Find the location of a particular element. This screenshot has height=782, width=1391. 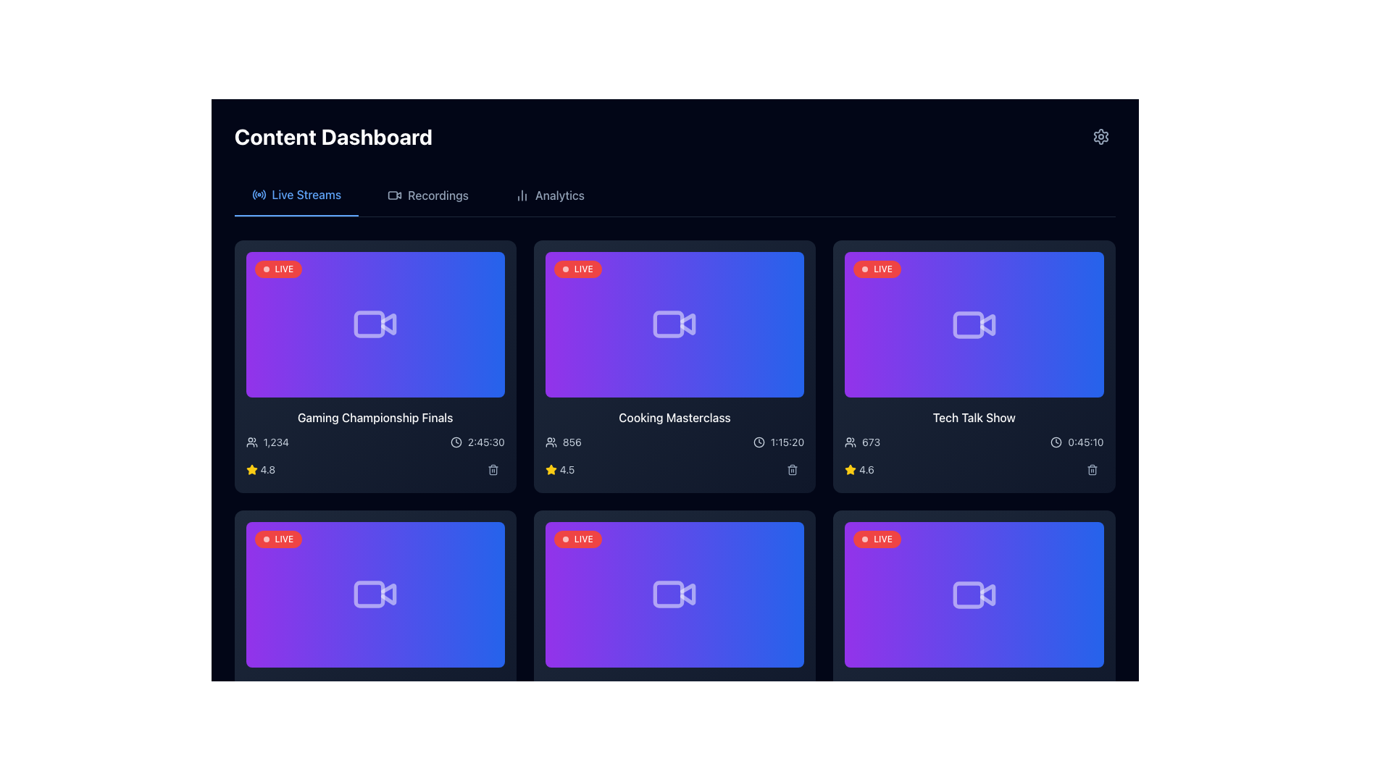

the fourth Video Stream Tile is located at coordinates (974, 594).